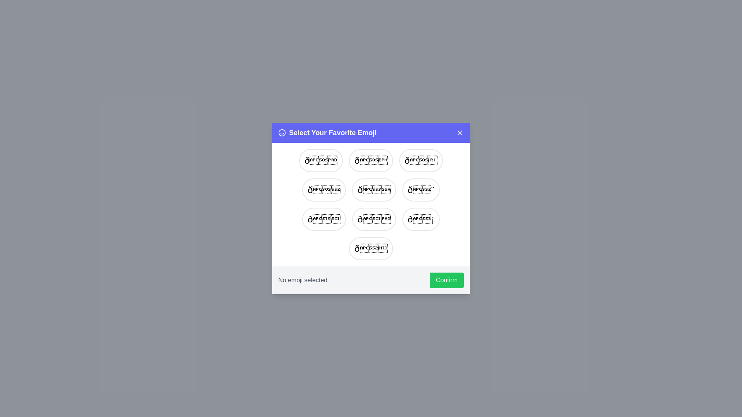 This screenshot has width=742, height=417. I want to click on the emoji 🎉 from the list, so click(371, 249).